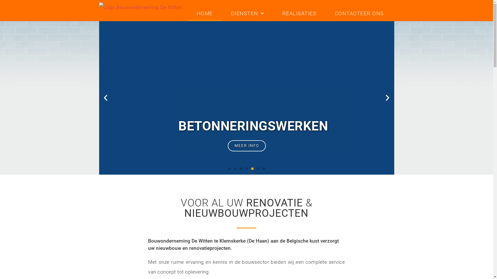 The height and width of the screenshot is (279, 497). Describe the element at coordinates (246, 146) in the screenshot. I see `'MEER INFO'` at that location.